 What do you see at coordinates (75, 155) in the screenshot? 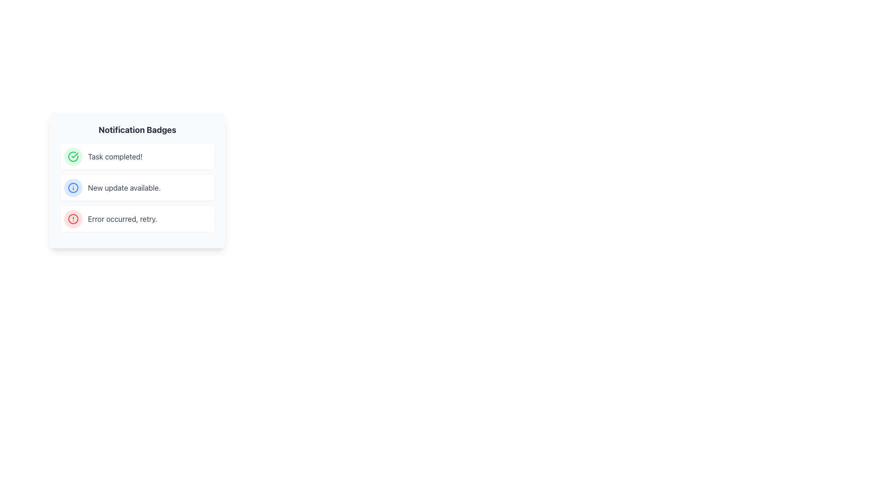
I see `the checkmark symbol within the green circle located in the top notification badge adjacent to the text 'Task Completed!'` at bounding box center [75, 155].